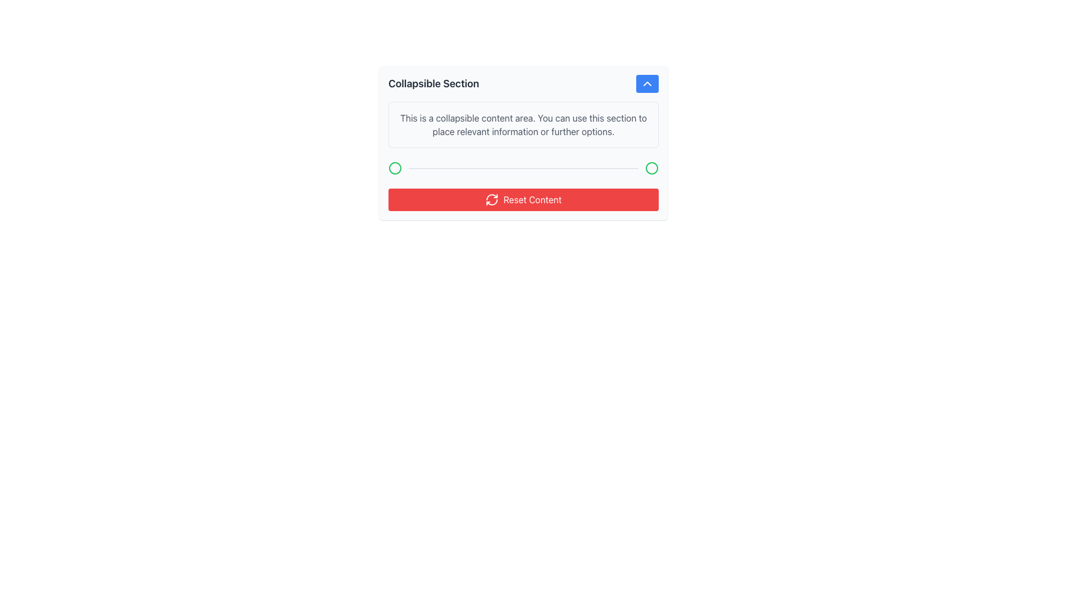  What do you see at coordinates (523, 142) in the screenshot?
I see `the collapsible section titled 'Collapsible Section'` at bounding box center [523, 142].